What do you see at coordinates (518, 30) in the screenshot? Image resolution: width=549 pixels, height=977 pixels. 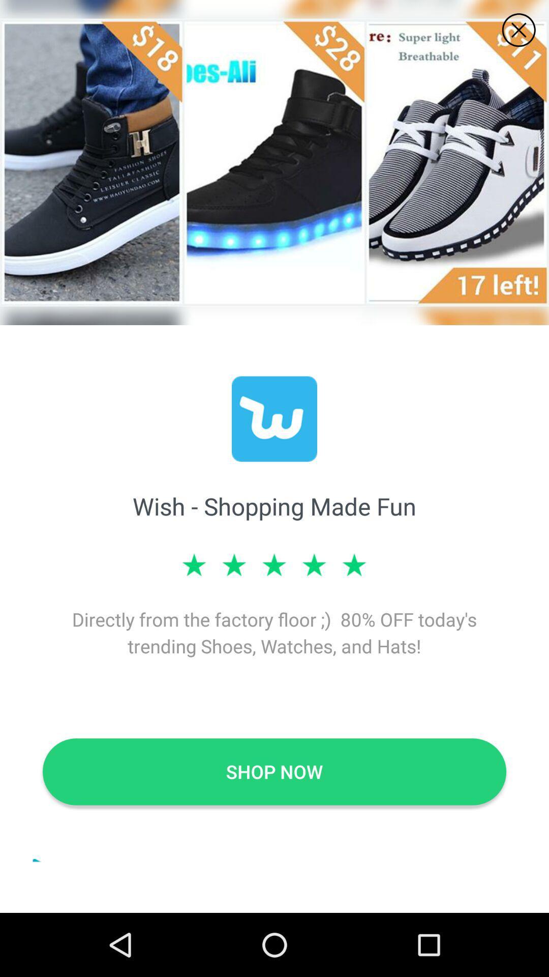 I see `the close icon` at bounding box center [518, 30].